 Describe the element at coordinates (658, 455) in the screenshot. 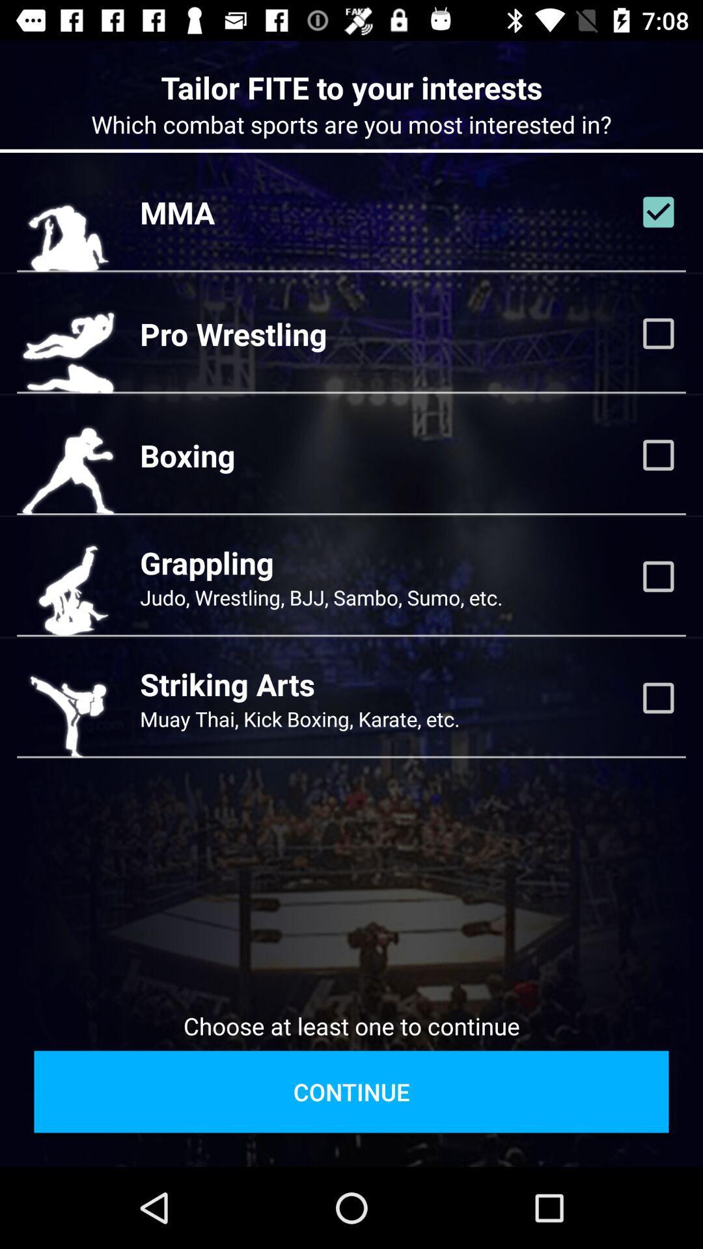

I see `boxing` at that location.